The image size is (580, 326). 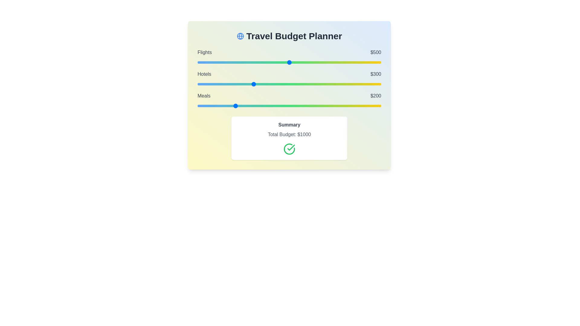 What do you see at coordinates (304, 62) in the screenshot?
I see `the 'Flights' budget slider to 583` at bounding box center [304, 62].